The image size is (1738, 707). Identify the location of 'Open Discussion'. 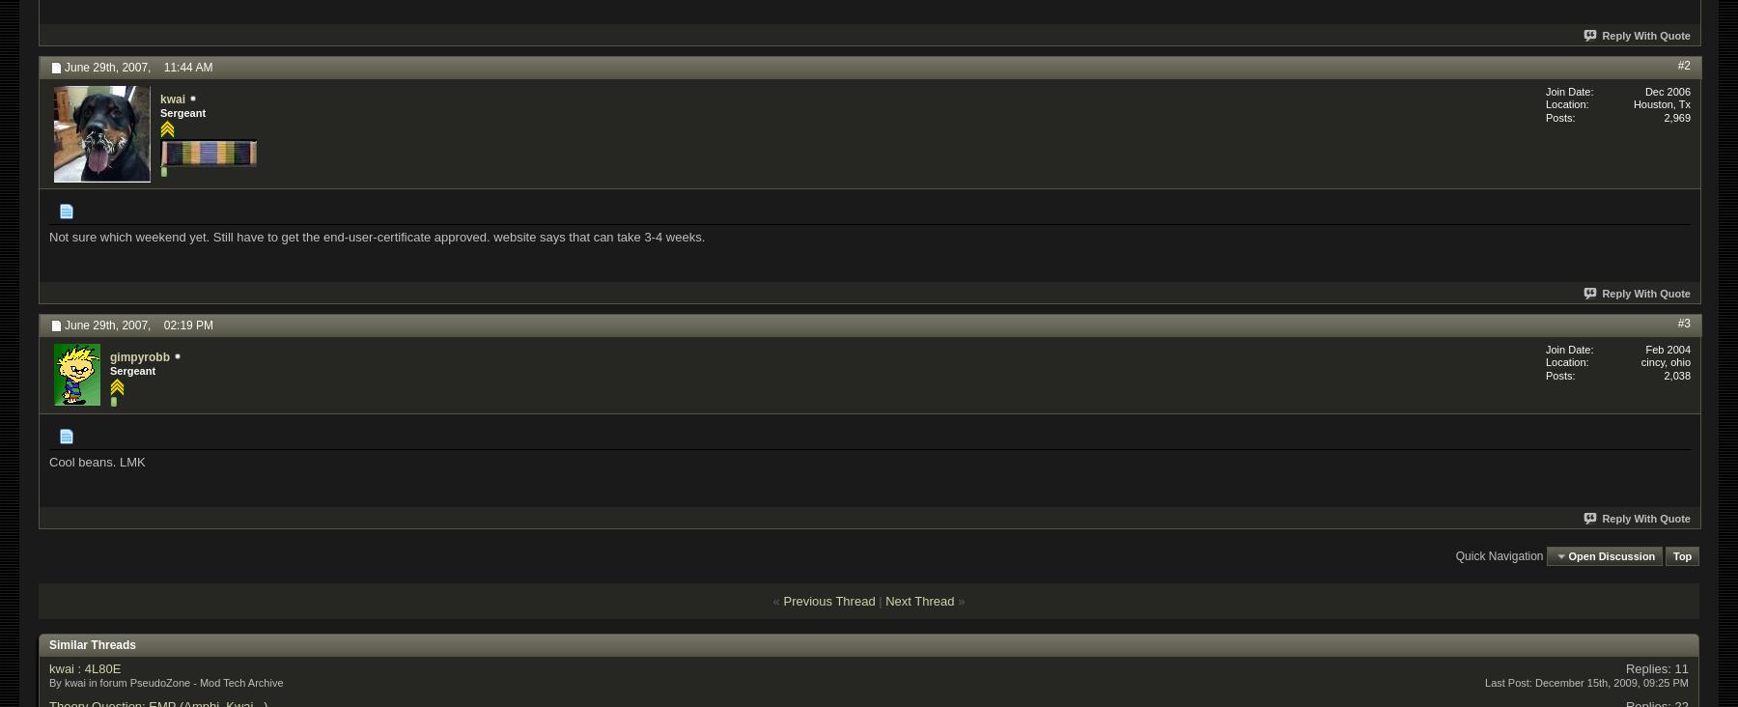
(1610, 555).